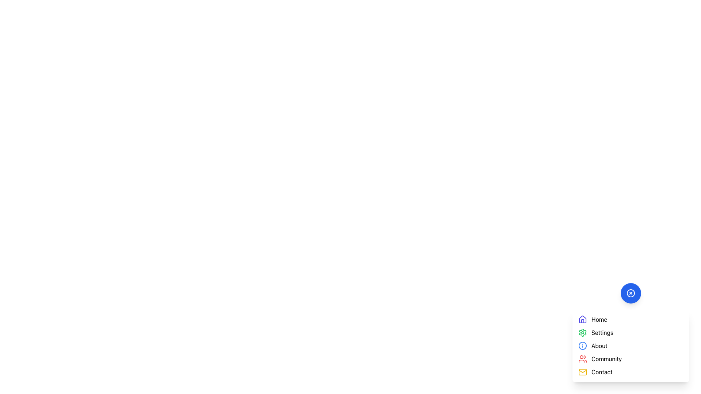 The height and width of the screenshot is (394, 701). I want to click on the 'Contact' label, which is styled in a standard sans-serif font with black text color, located to the right of a yellow mail icon in a dropdown menu, so click(602, 372).